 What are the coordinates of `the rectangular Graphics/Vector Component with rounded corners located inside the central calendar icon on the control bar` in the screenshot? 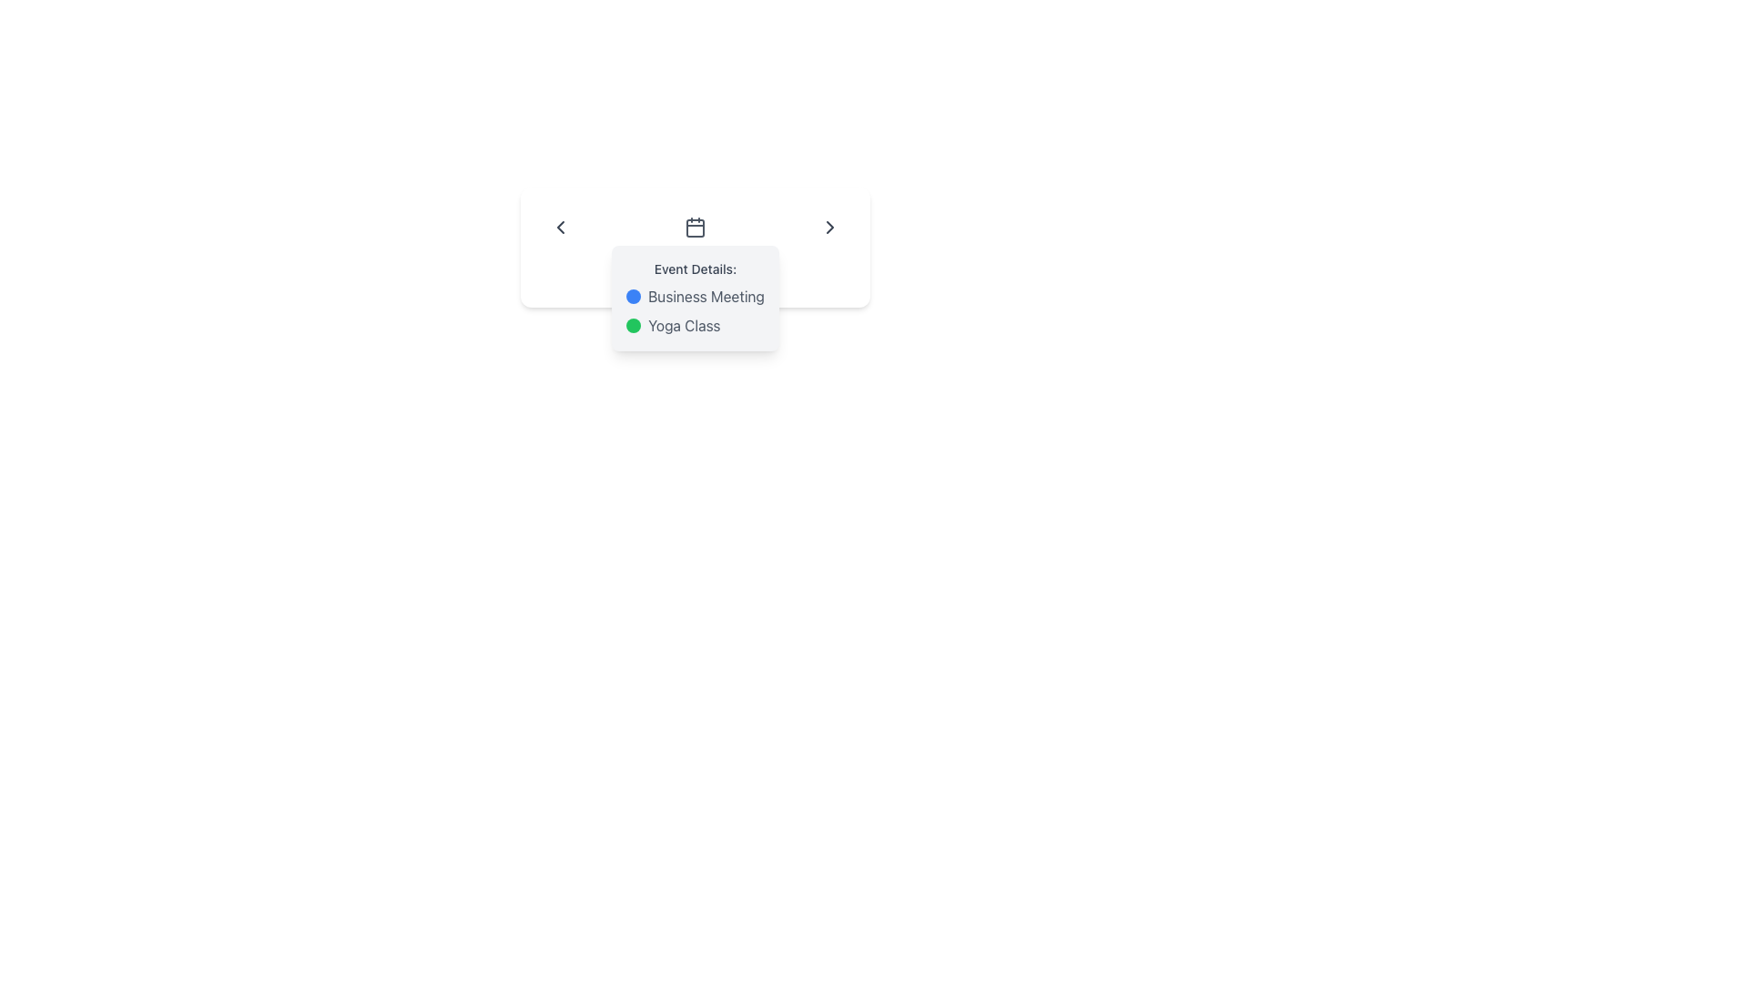 It's located at (694, 227).